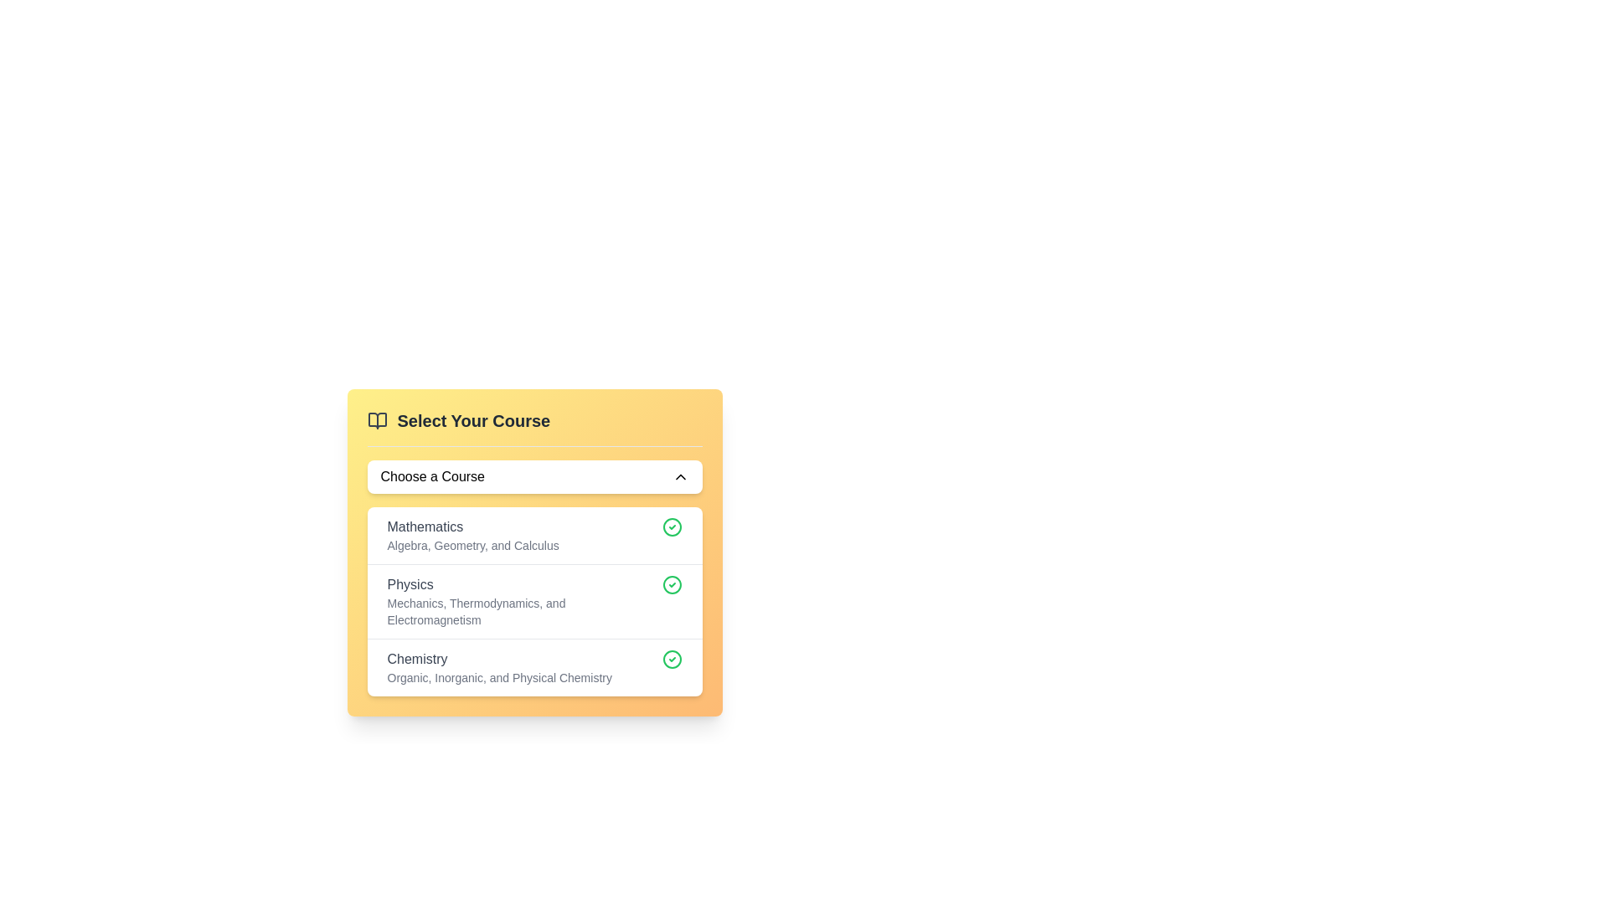 The image size is (1608, 904). Describe the element at coordinates (672, 658) in the screenshot. I see `the circular element with a green outline that indicates the status of the Chemistry course in the third list item of the course interface` at that location.